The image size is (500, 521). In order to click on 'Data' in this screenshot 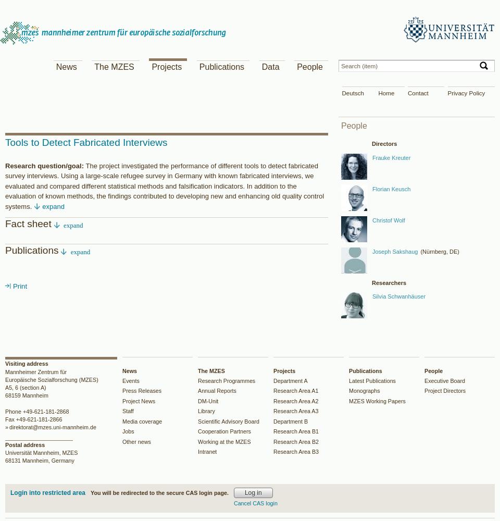, I will do `click(260, 67)`.